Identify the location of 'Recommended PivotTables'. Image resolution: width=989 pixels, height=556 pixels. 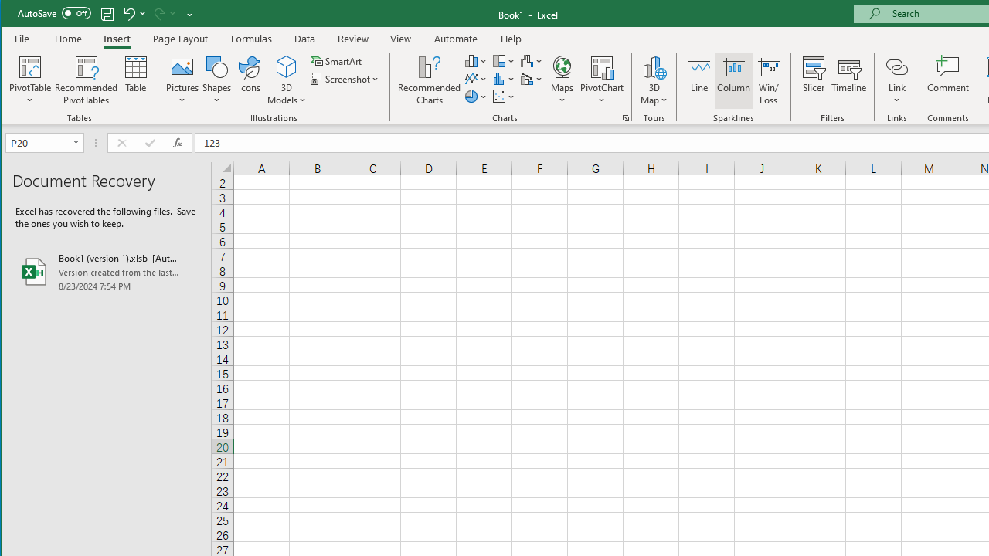
(86, 80).